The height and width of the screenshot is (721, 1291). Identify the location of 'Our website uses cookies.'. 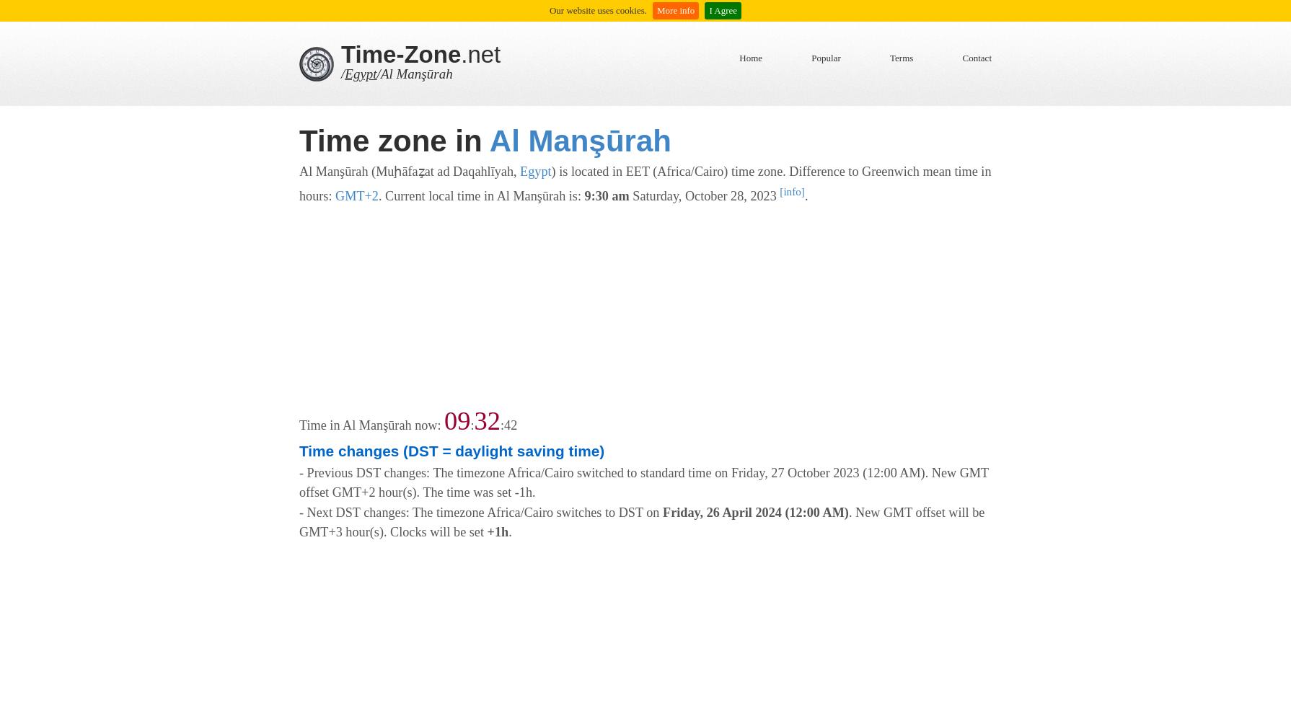
(596, 10).